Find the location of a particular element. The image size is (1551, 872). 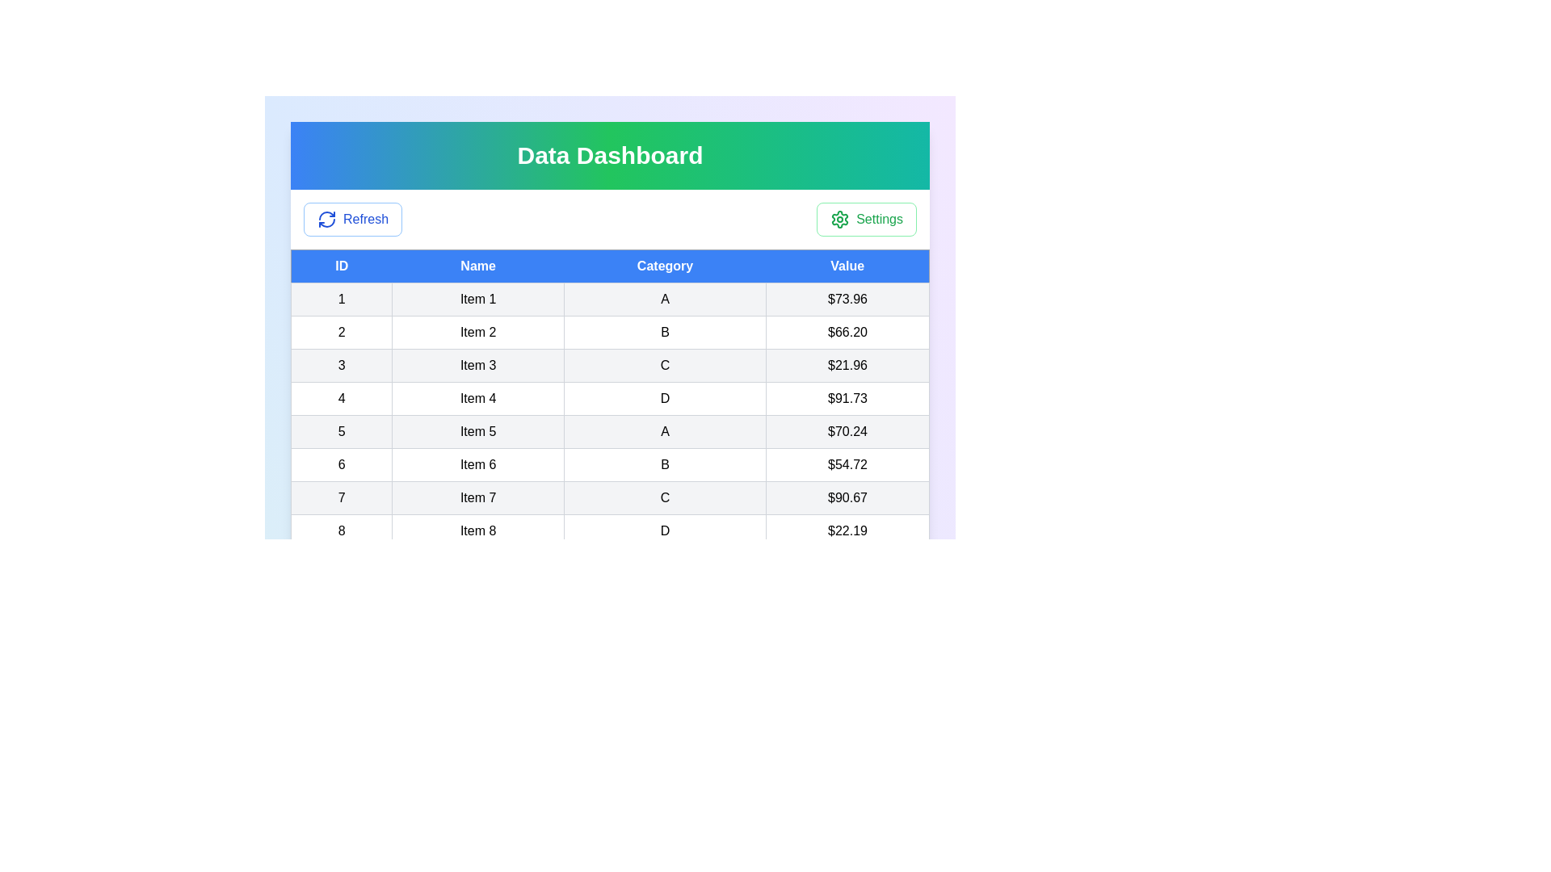

the table header Name to sort or filter the column is located at coordinates (477, 266).